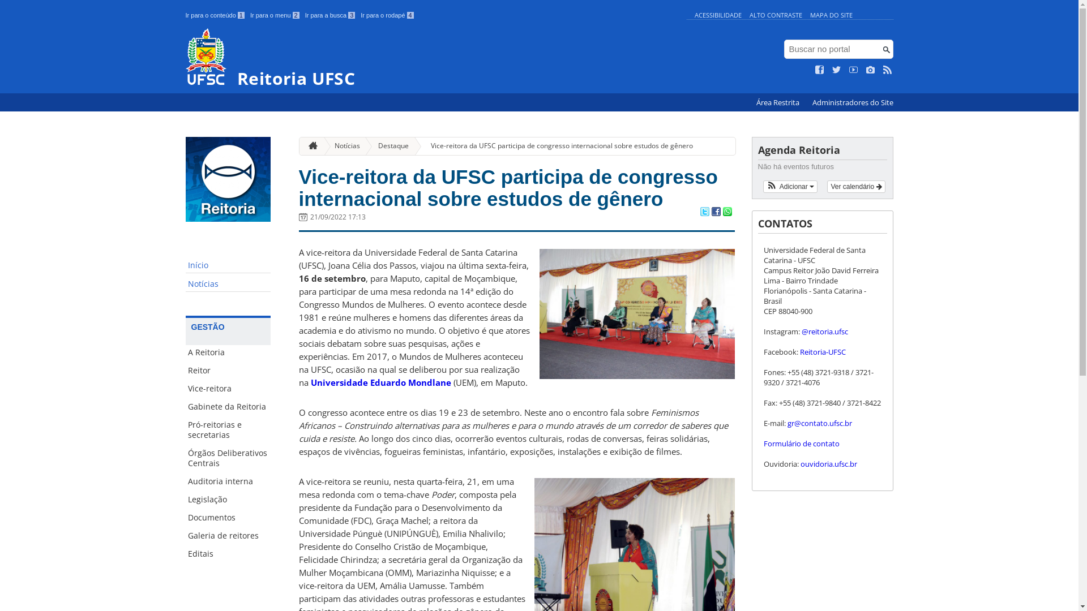 The height and width of the screenshot is (611, 1087). Describe the element at coordinates (775, 15) in the screenshot. I see `'ALTO CONTRASTE'` at that location.